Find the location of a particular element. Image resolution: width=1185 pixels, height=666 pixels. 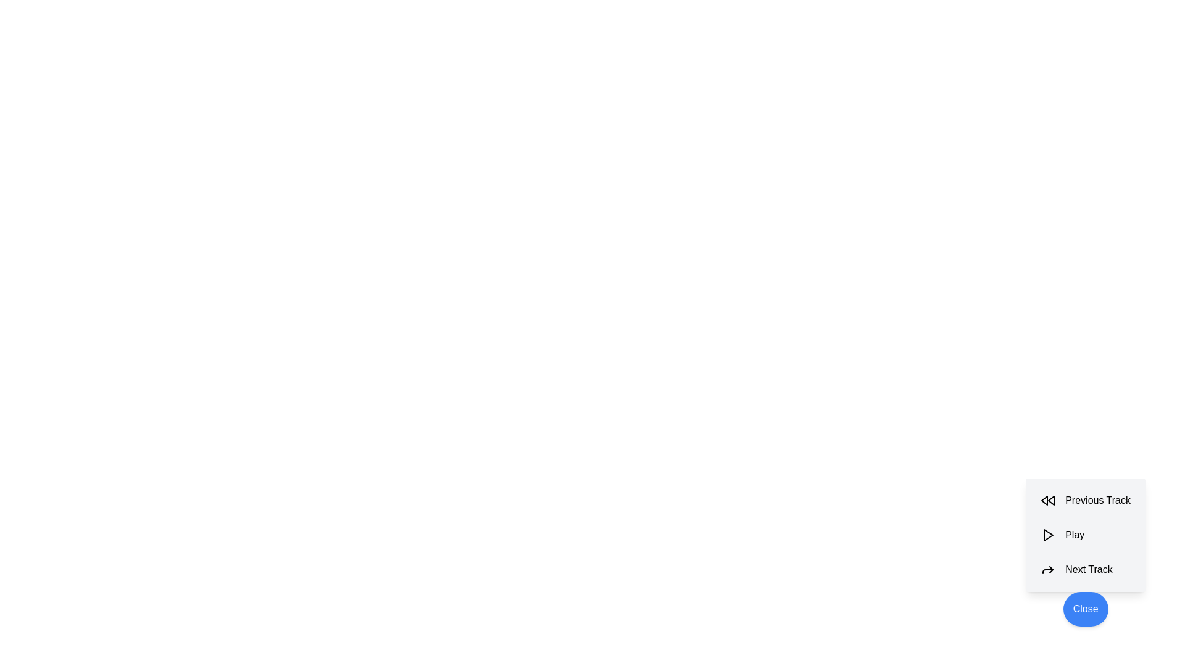

the left triangle of the rewind icon, which is part of the 'Previous Track' button is located at coordinates (1044, 501).